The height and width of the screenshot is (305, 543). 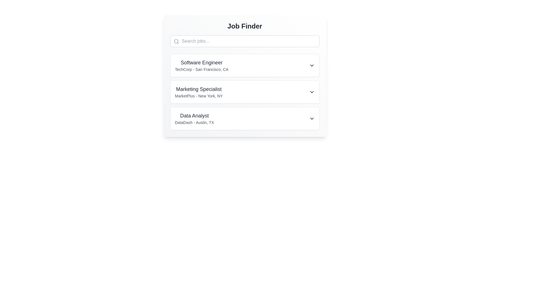 What do you see at coordinates (199, 92) in the screenshot?
I see `the text label displaying 'Marketing Specialist' and 'MarketPlus - New York, NY' by moving the cursor to its center point` at bounding box center [199, 92].